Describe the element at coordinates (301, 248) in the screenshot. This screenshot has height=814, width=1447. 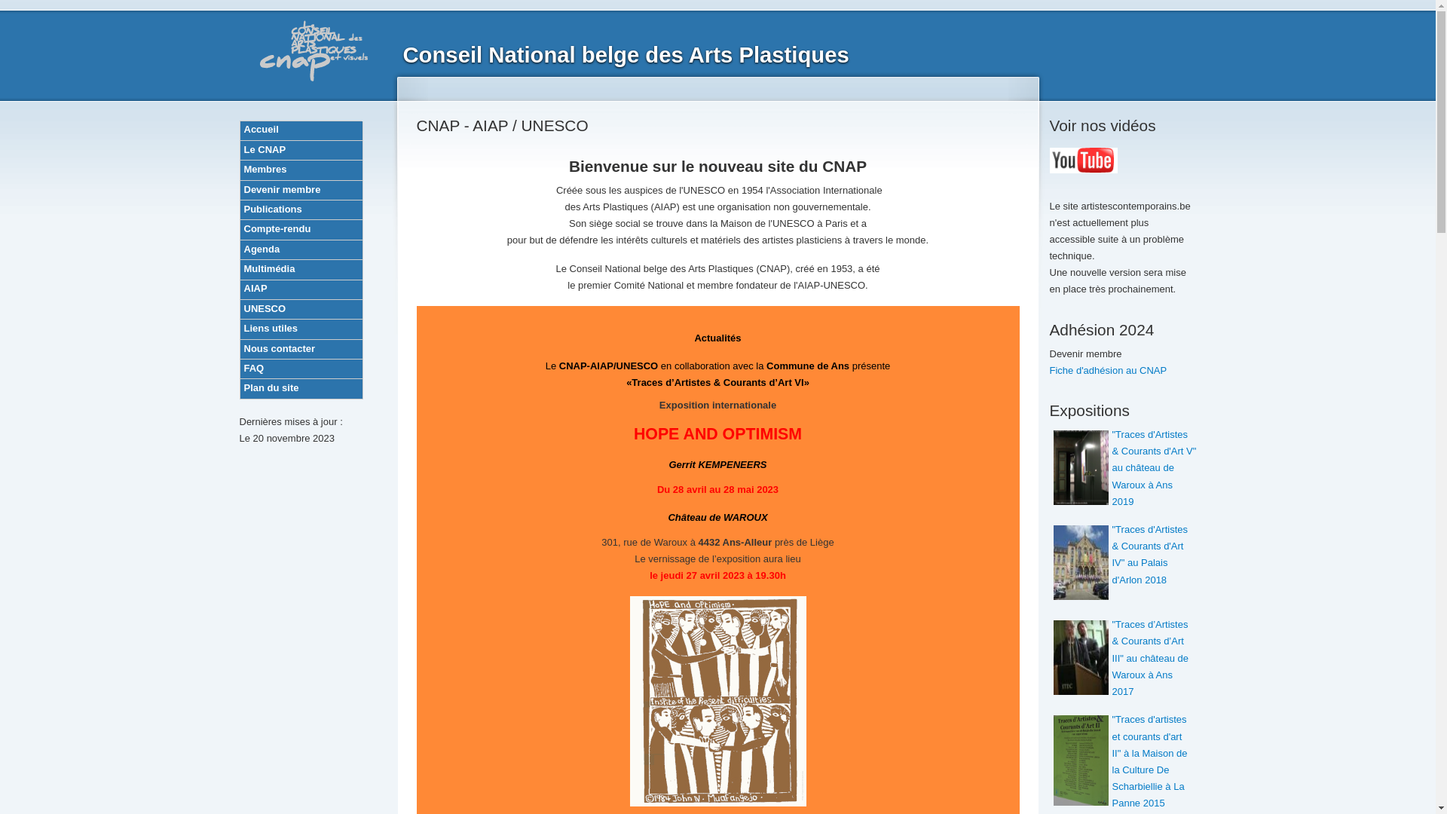
I see `'Agenda'` at that location.